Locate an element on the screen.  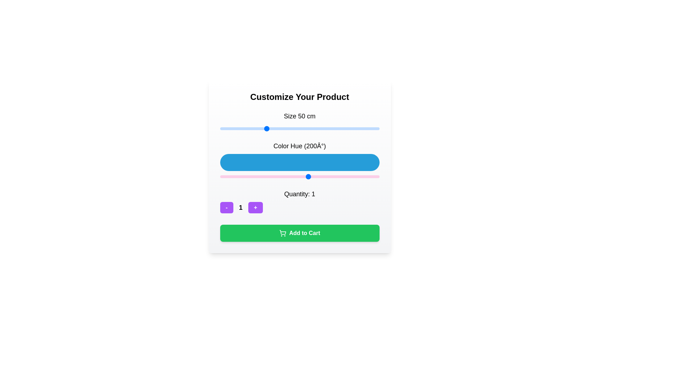
the size is located at coordinates (245, 129).